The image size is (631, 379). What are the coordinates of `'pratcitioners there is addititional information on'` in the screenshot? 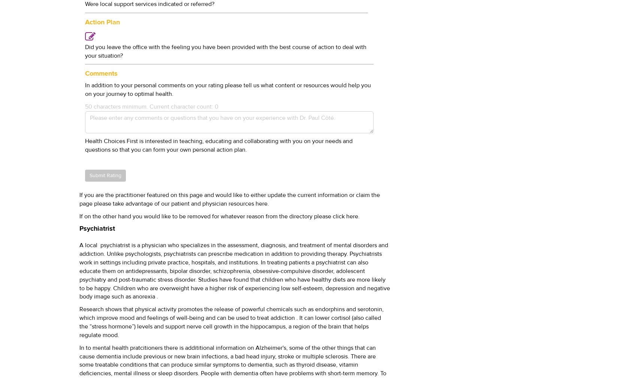 It's located at (191, 348).